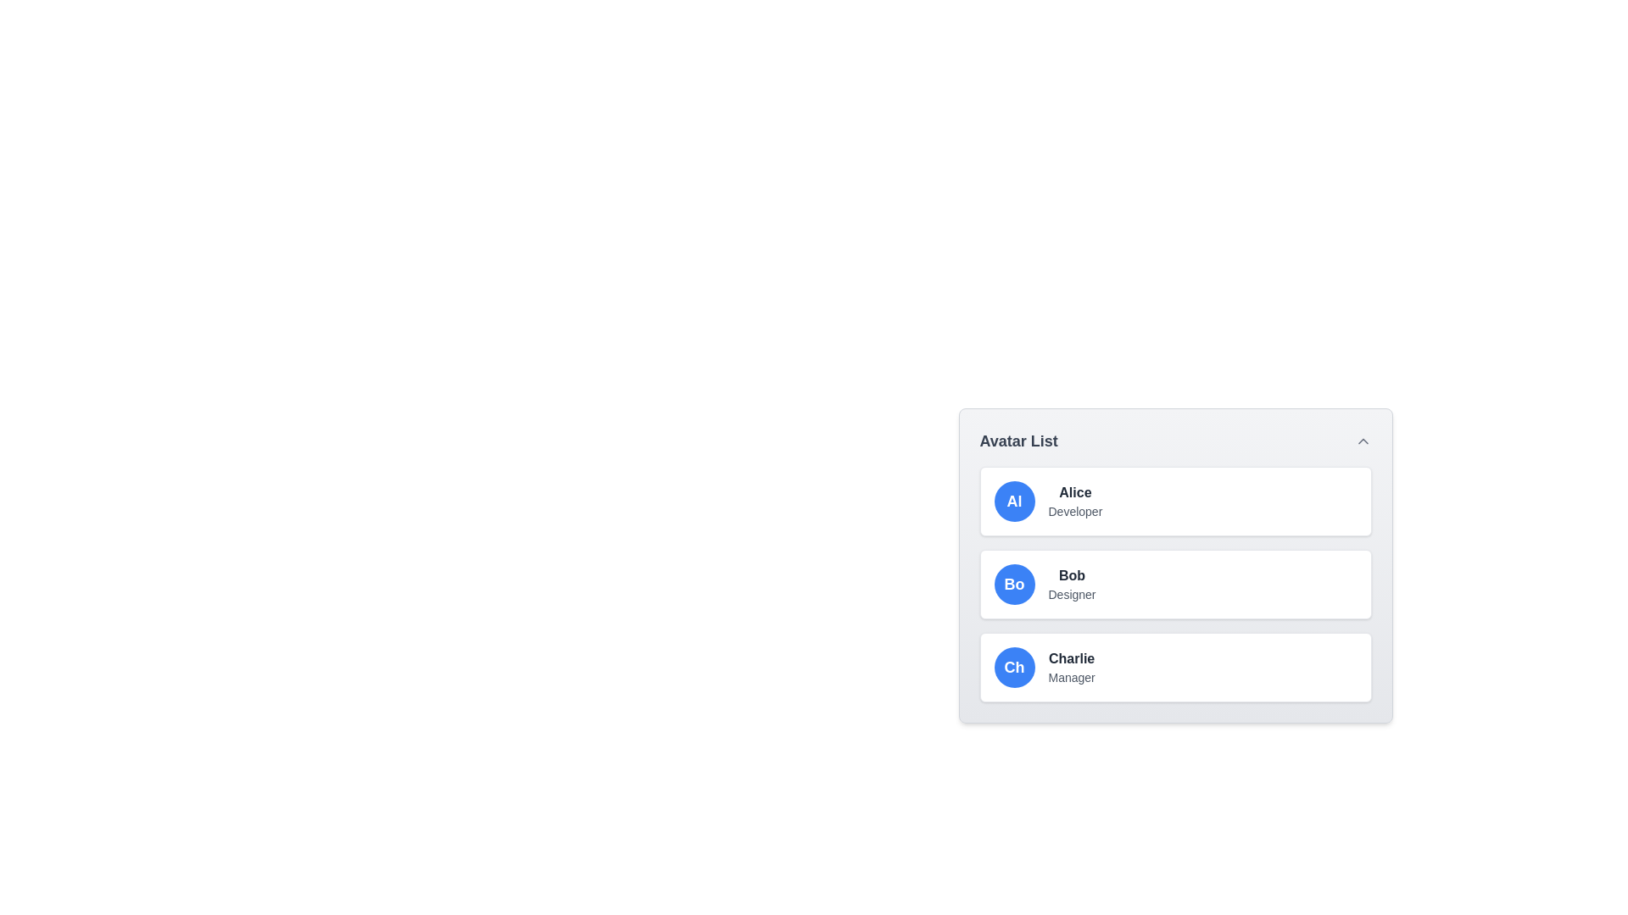 The width and height of the screenshot is (1628, 915). I want to click on the blue circular badge labeled 'Bo' to interact with it, located in the second row adjacent to 'Bob' and 'Designer', so click(1014, 584).